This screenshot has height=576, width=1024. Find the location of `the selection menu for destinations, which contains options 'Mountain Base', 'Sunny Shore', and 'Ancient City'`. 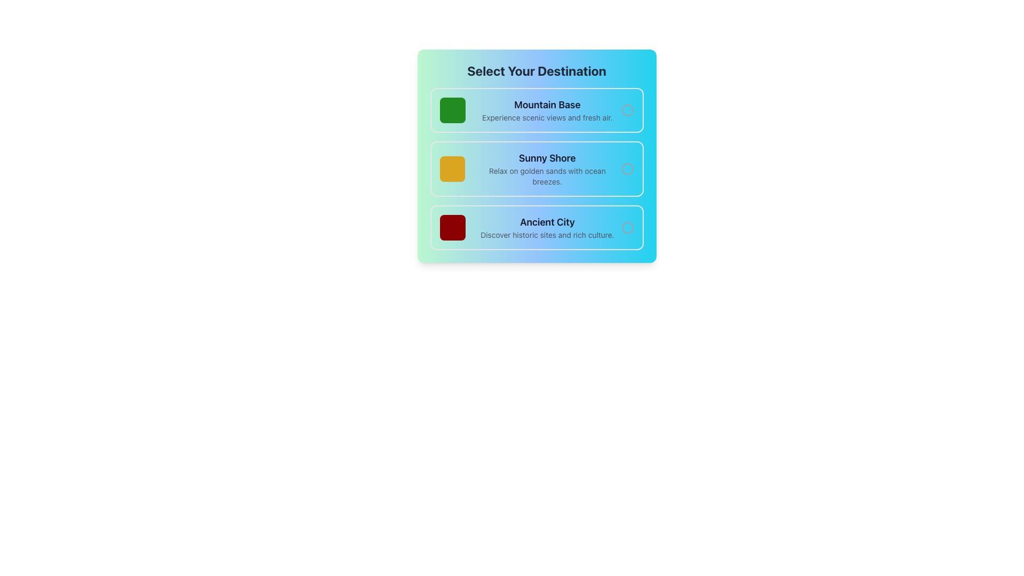

the selection menu for destinations, which contains options 'Mountain Base', 'Sunny Shore', and 'Ancient City' is located at coordinates (537, 156).